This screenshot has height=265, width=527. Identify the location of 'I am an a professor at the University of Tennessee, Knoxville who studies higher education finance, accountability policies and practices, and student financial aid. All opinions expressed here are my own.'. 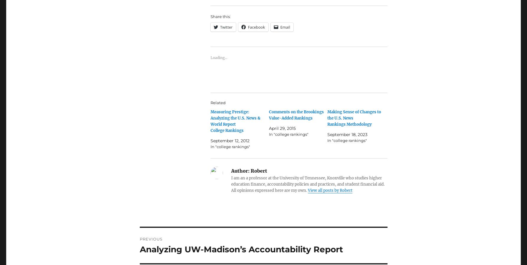
(307, 184).